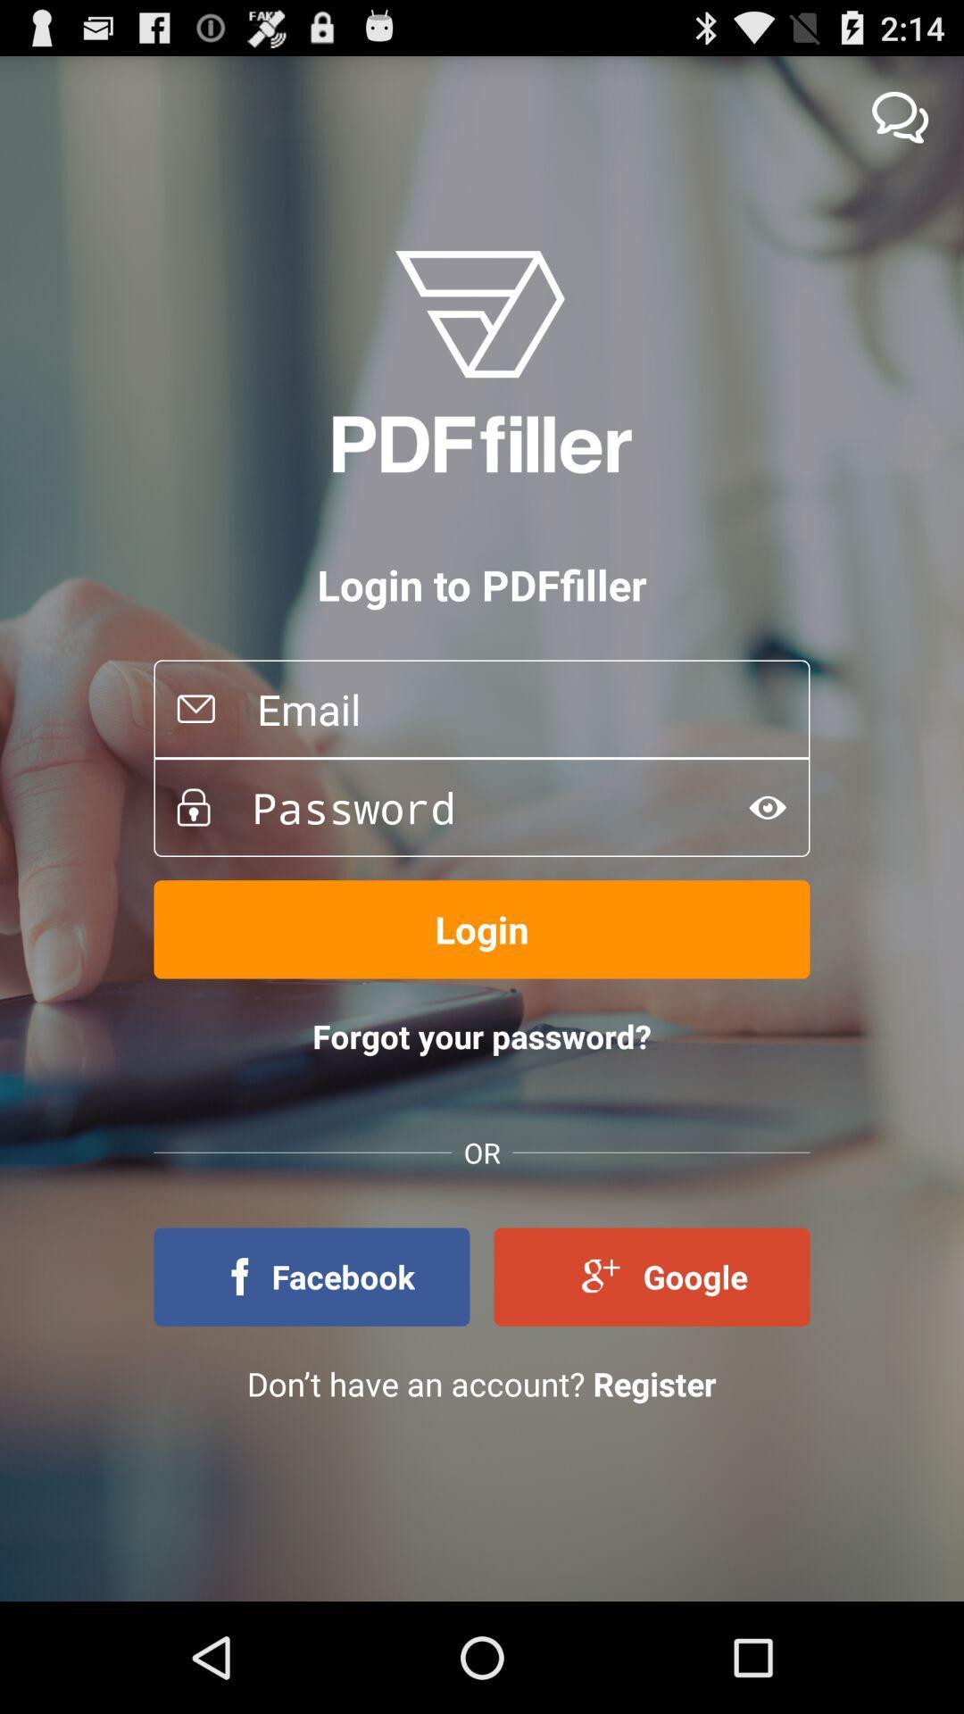 The width and height of the screenshot is (964, 1714). What do you see at coordinates (900, 124) in the screenshot?
I see `the chat icon` at bounding box center [900, 124].